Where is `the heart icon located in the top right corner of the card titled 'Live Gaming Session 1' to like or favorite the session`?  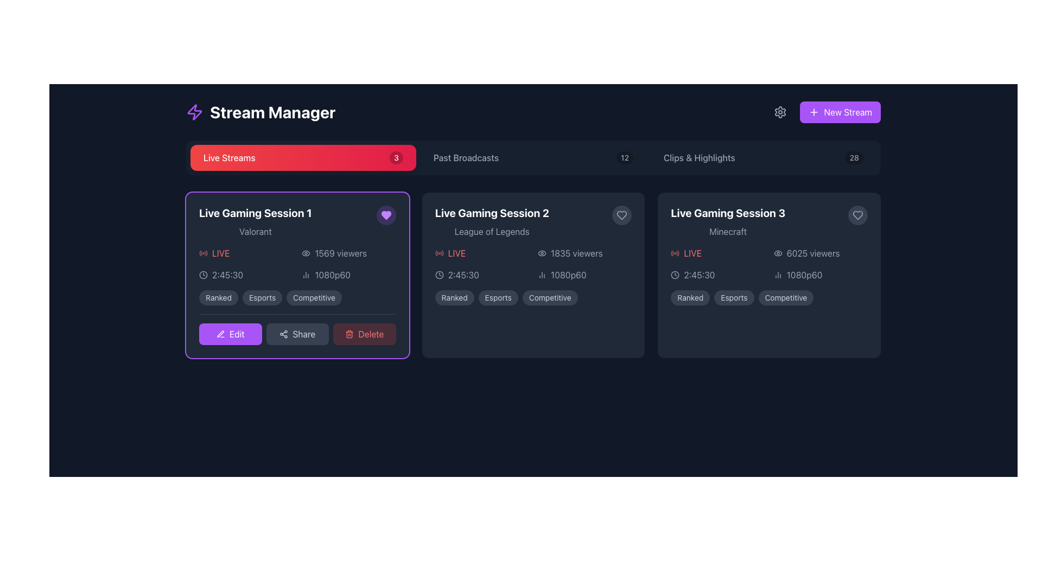
the heart icon located in the top right corner of the card titled 'Live Gaming Session 1' to like or favorite the session is located at coordinates (857, 215).